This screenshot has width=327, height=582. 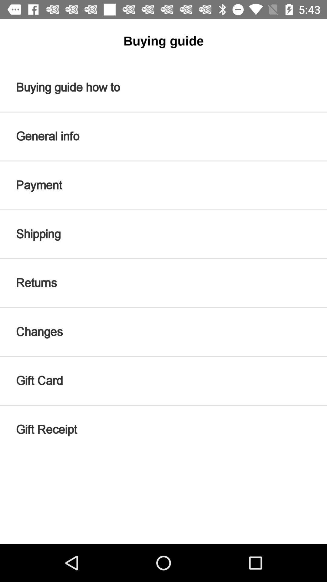 I want to click on the icon below the changes icon, so click(x=163, y=380).